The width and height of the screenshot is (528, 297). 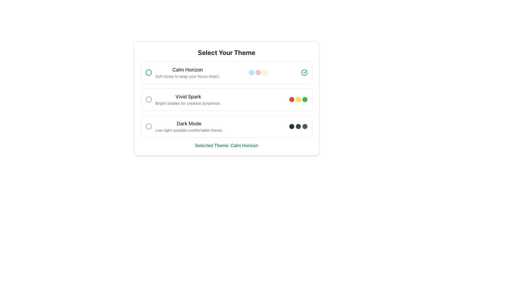 What do you see at coordinates (265, 72) in the screenshot?
I see `the third circular UI component with a pale yellow background and a thin gray border in the 'Select Your Theme' section, aligned with the text 'Calm Horizon'` at bounding box center [265, 72].